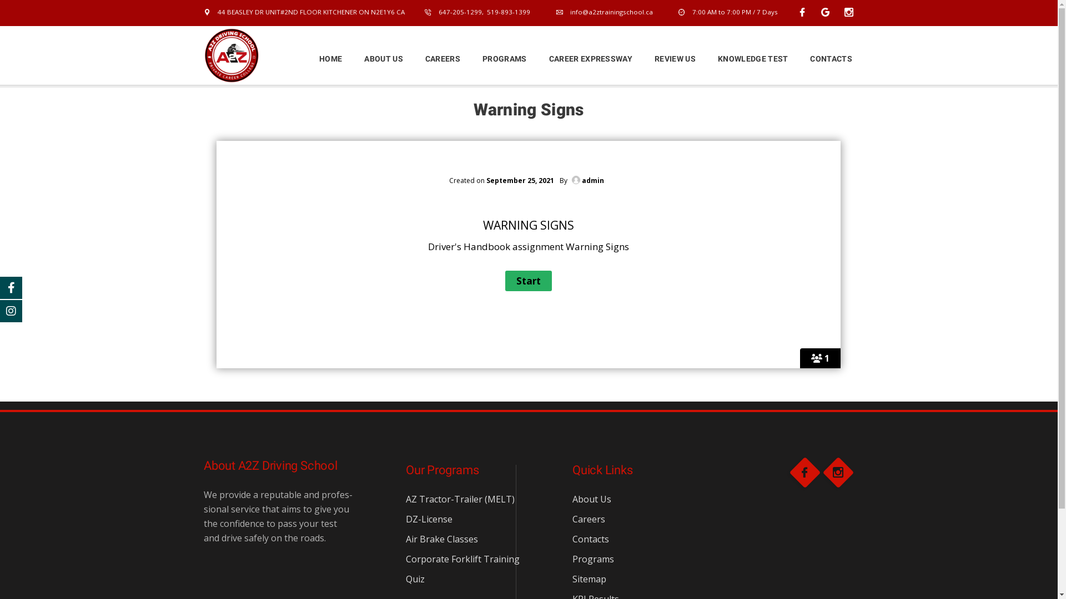 This screenshot has width=1066, height=599. What do you see at coordinates (590, 539) in the screenshot?
I see `'Contacts'` at bounding box center [590, 539].